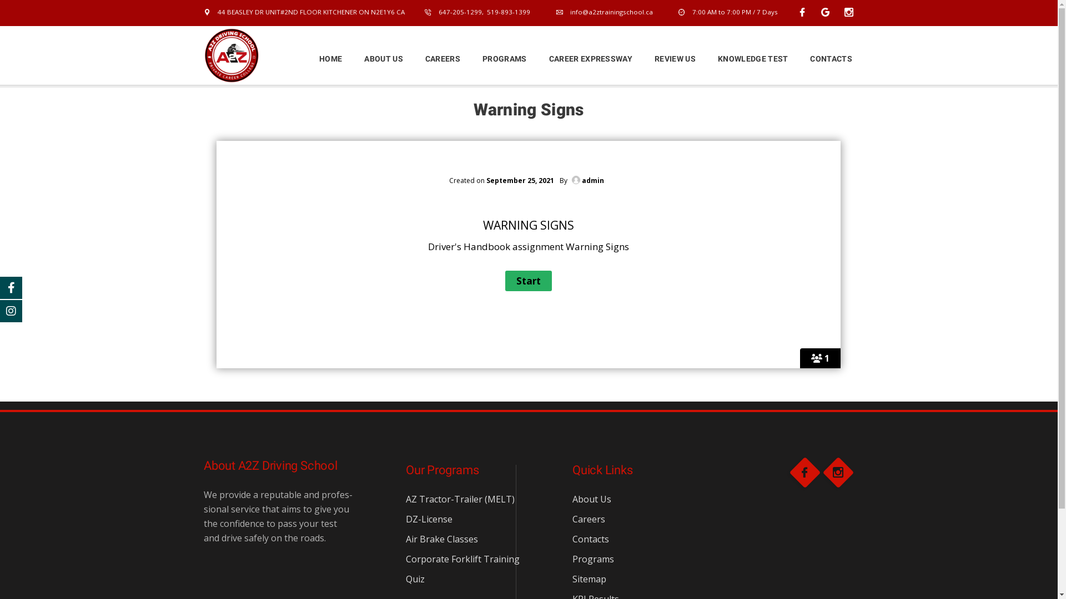 This screenshot has width=1066, height=599. What do you see at coordinates (590, 539) in the screenshot?
I see `'Contacts'` at bounding box center [590, 539].